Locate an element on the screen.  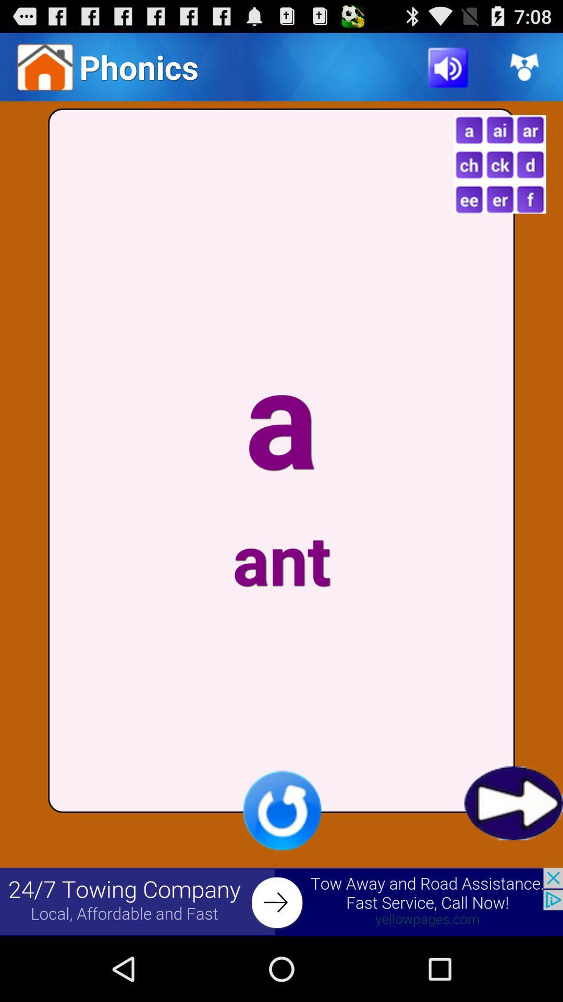
letters is located at coordinates (499, 164).